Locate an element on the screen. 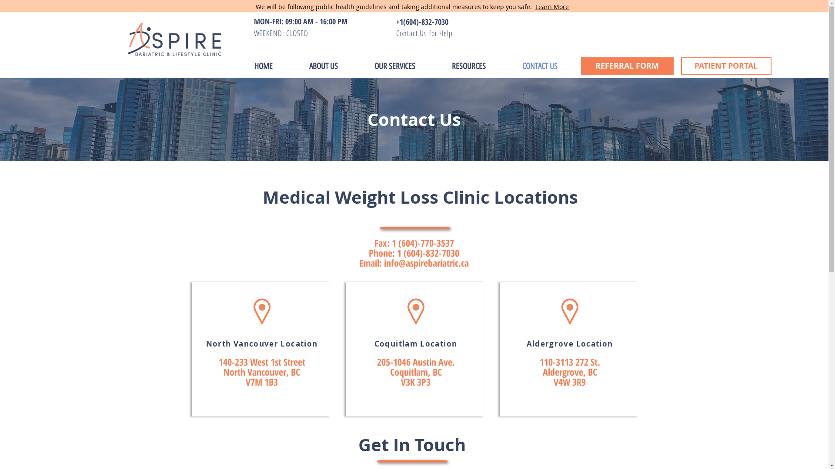 The height and width of the screenshot is (469, 835). 'North Vancouver Location' is located at coordinates (206, 342).